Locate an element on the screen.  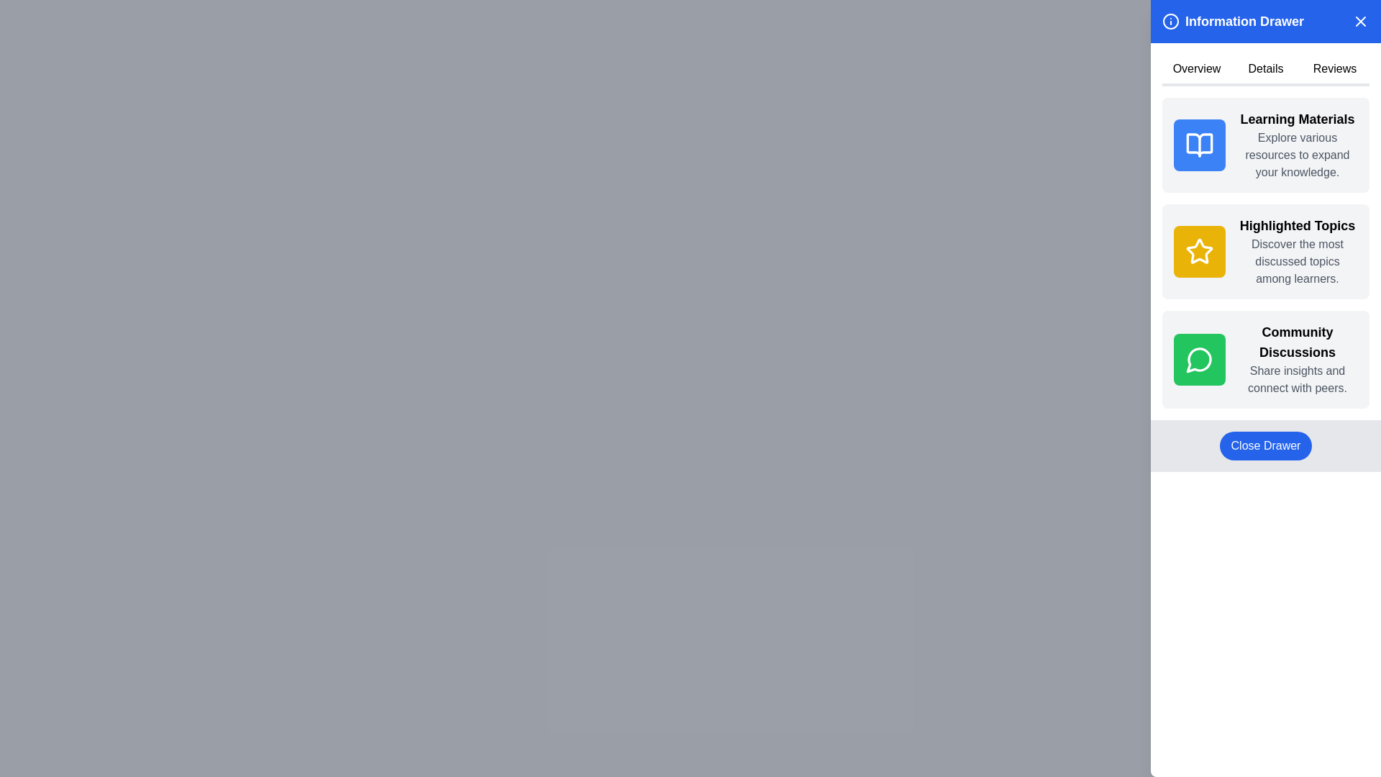
text label displaying 'Learning Materials' which is the top title in the 'Information Drawer' section of the right panel is located at coordinates (1298, 118).